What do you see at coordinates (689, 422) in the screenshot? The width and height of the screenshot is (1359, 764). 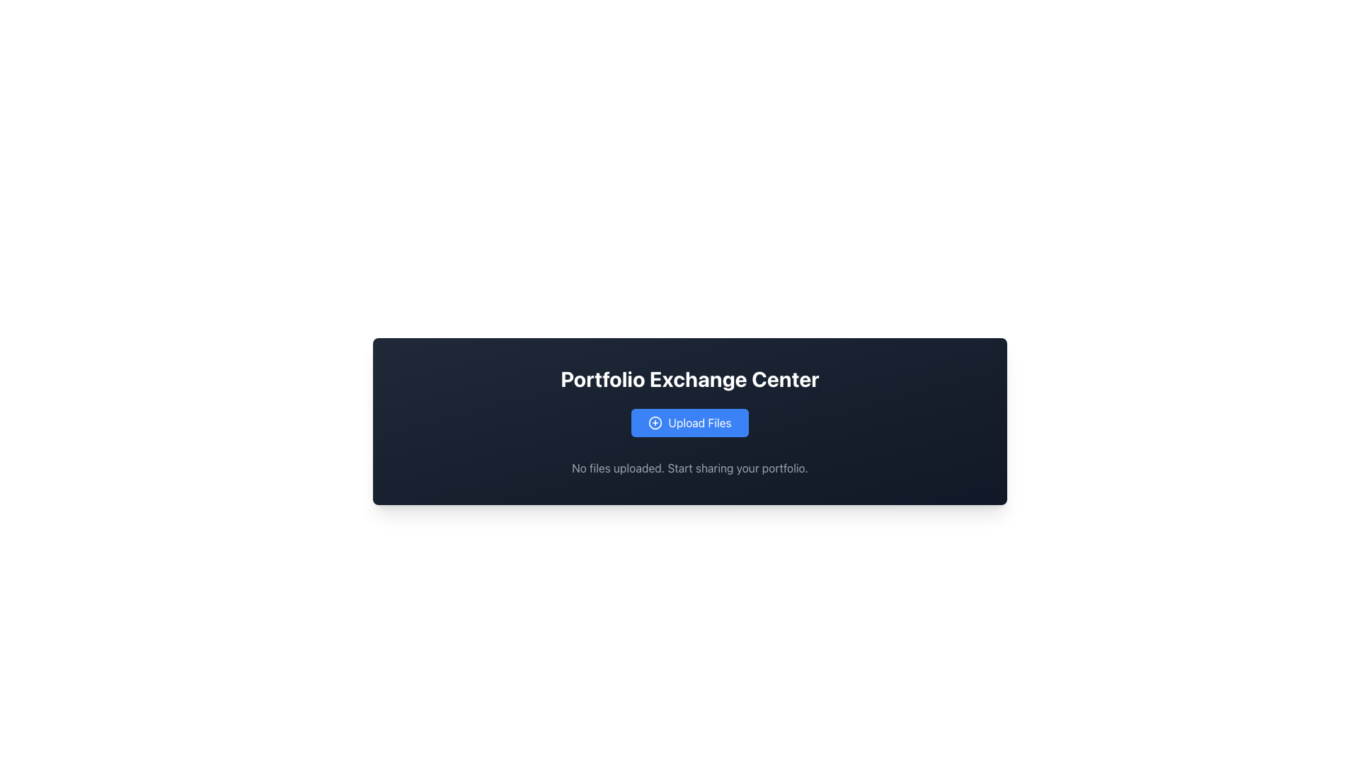 I see `the file upload button located below the heading 'Portfolio Exchange Center'` at bounding box center [689, 422].